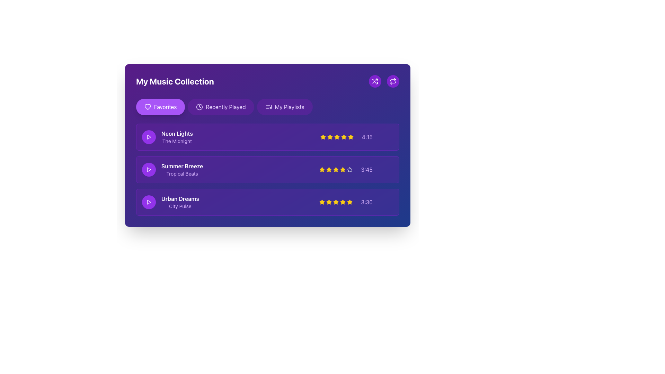  What do you see at coordinates (344, 137) in the screenshot?
I see `the first golden-yellow Rating Star icon representing the music item 'Neon Lights' in the playlist` at bounding box center [344, 137].